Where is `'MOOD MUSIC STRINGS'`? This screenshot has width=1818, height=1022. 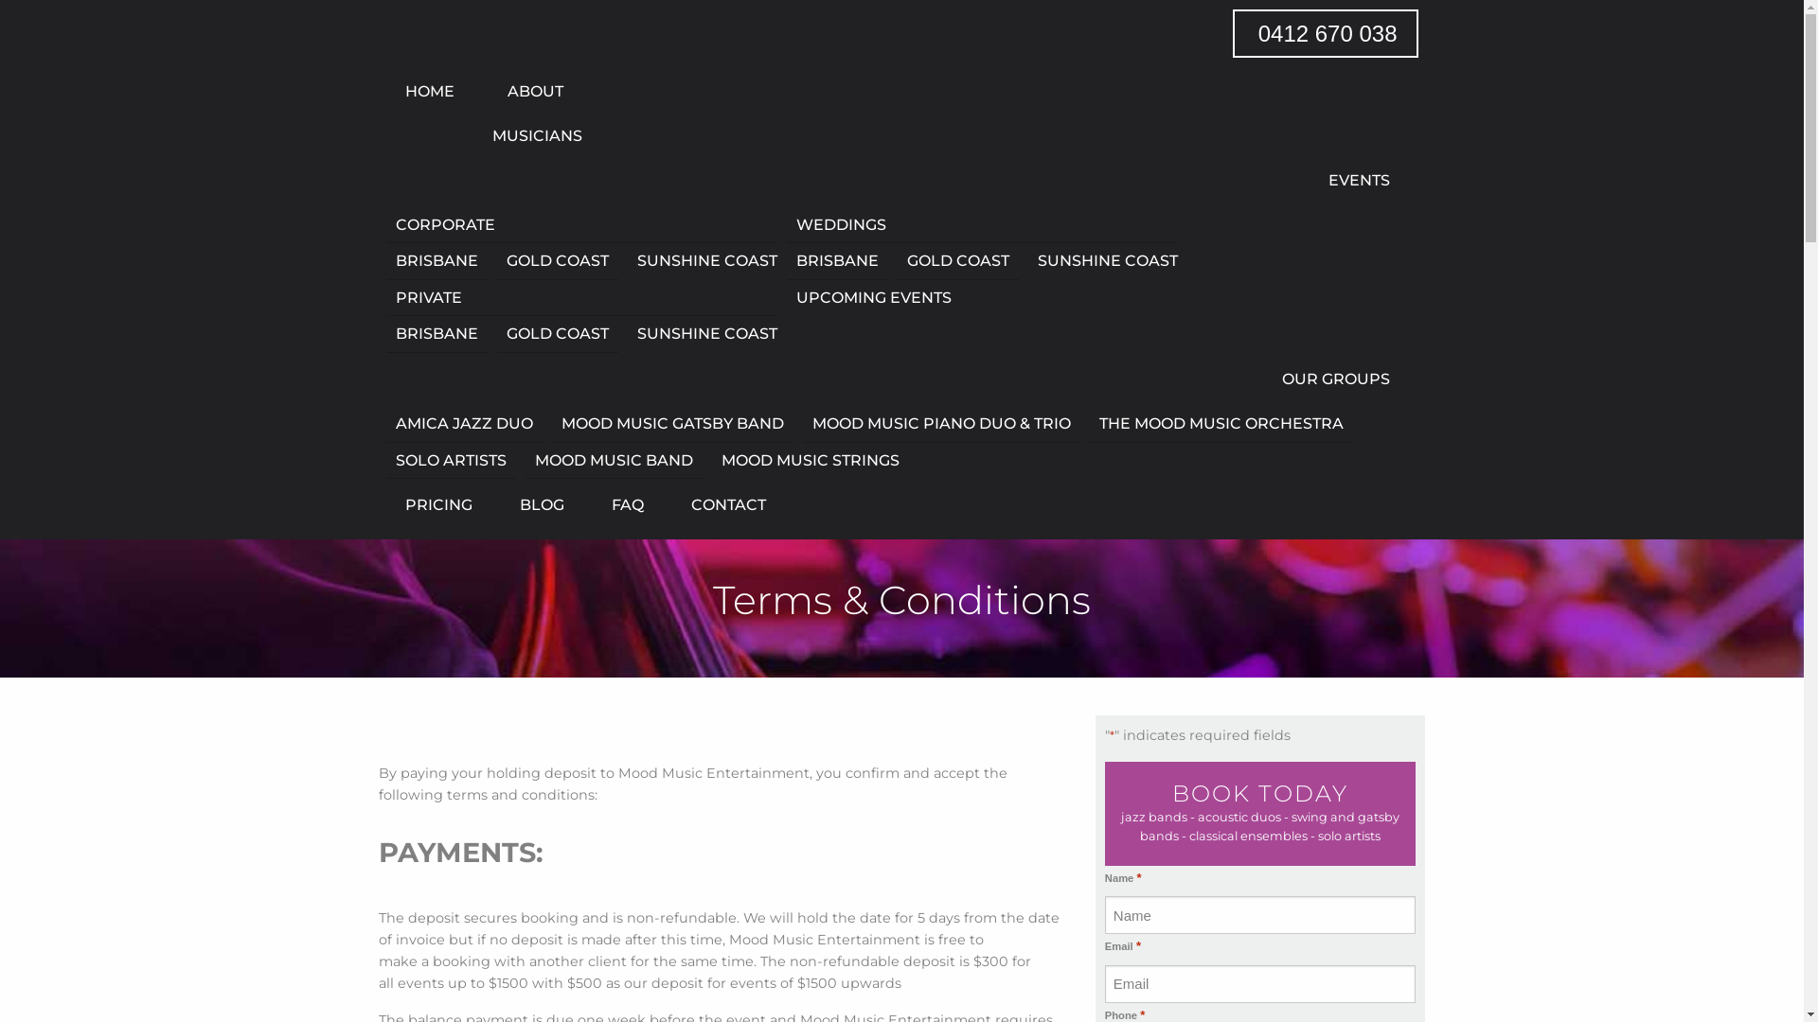
'MOOD MUSIC STRINGS' is located at coordinates (805, 460).